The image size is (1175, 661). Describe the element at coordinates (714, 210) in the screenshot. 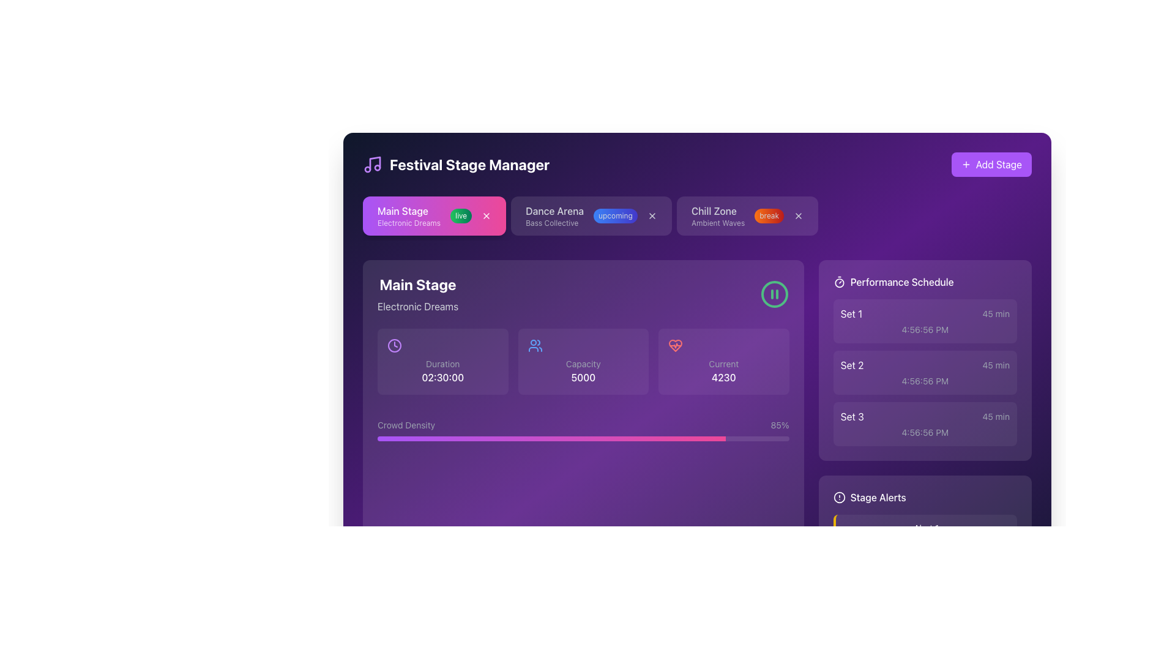

I see `the bold text label displaying 'Chill Zone' which is part of the Festival Stage Manager interface, positioned third from the left in the horizontal list of stage items` at that location.